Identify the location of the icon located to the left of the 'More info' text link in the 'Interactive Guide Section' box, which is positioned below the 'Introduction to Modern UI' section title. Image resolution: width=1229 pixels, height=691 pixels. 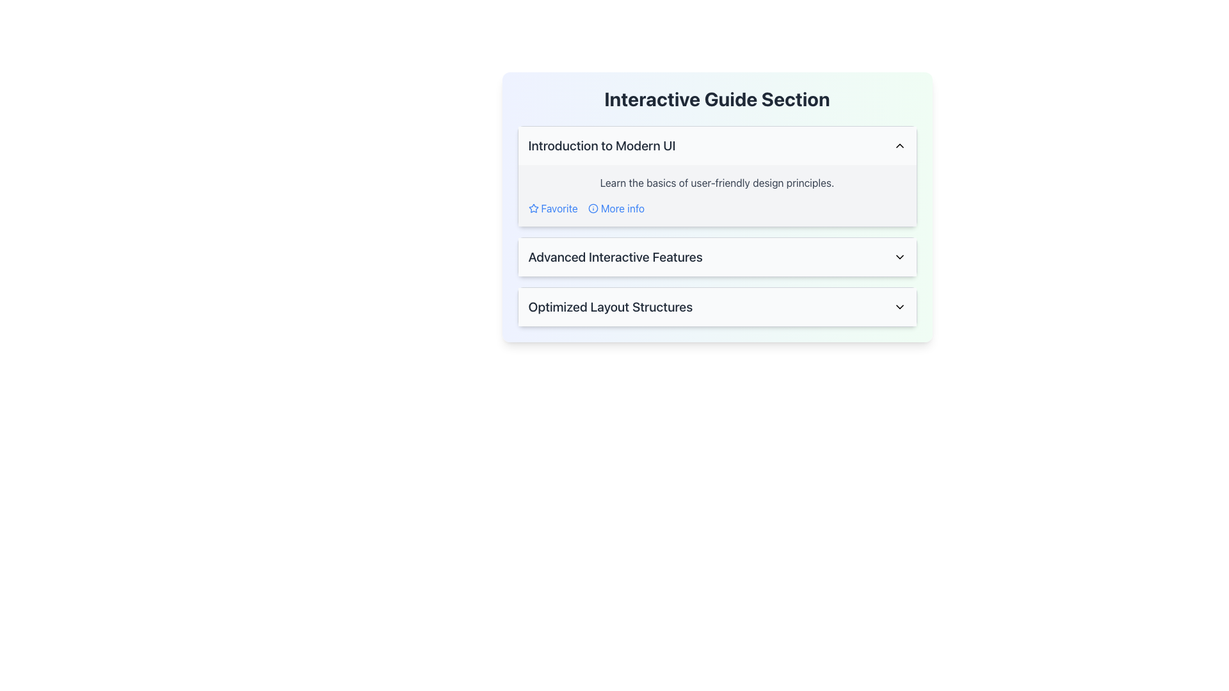
(592, 208).